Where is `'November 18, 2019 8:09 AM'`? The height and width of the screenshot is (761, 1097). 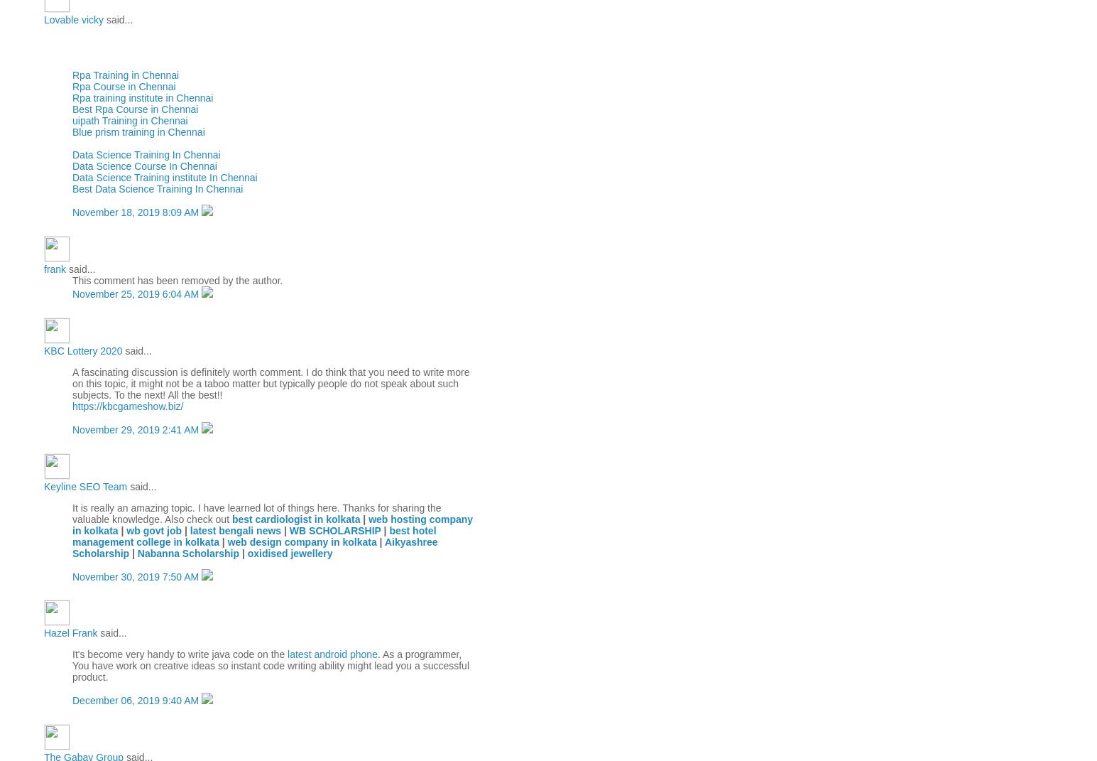
'November 18, 2019 8:09 AM' is located at coordinates (136, 212).